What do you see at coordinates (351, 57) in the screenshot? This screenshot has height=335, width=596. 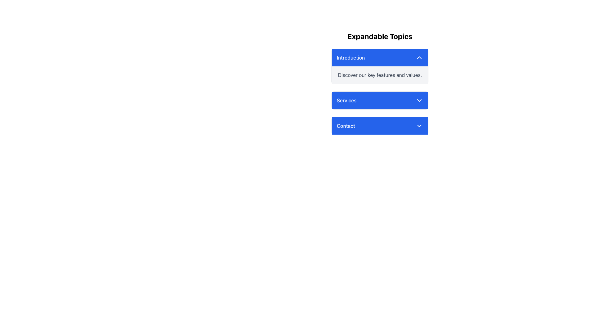 I see `the Text Label that serves as the title for the 'Introduction' expandable section, located to the left of the chevron icon` at bounding box center [351, 57].